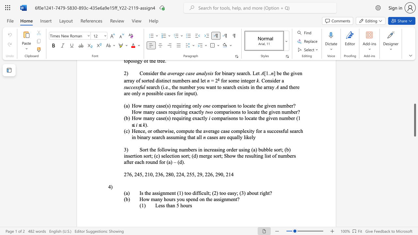 The height and width of the screenshot is (235, 418). What do you see at coordinates (235, 193) in the screenshot?
I see `the 1th character "y" in the text` at bounding box center [235, 193].